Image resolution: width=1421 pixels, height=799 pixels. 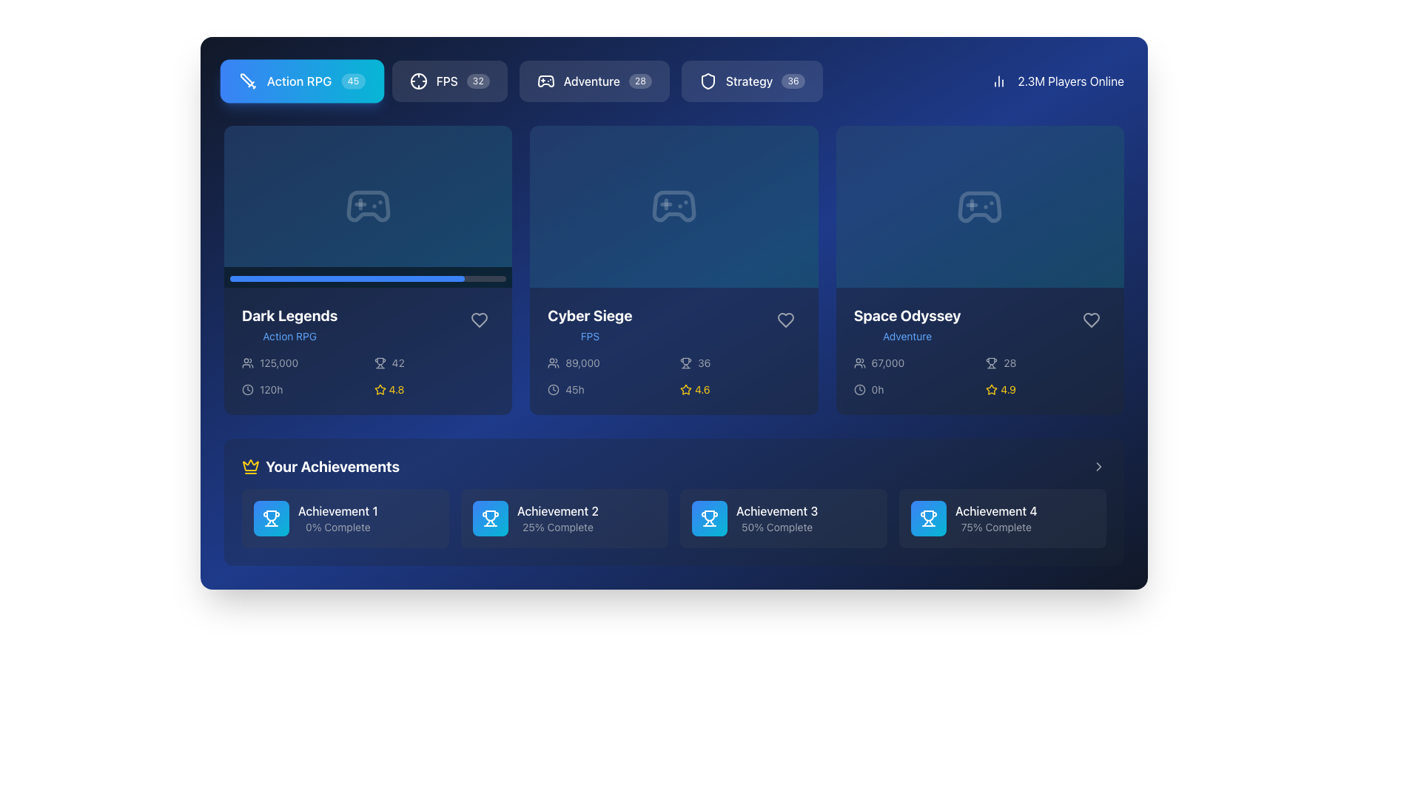 What do you see at coordinates (740, 388) in the screenshot?
I see `static rating display for the game 'Cyber Siege', which shows a yellow star icon and the numeric rating value '4.6'` at bounding box center [740, 388].